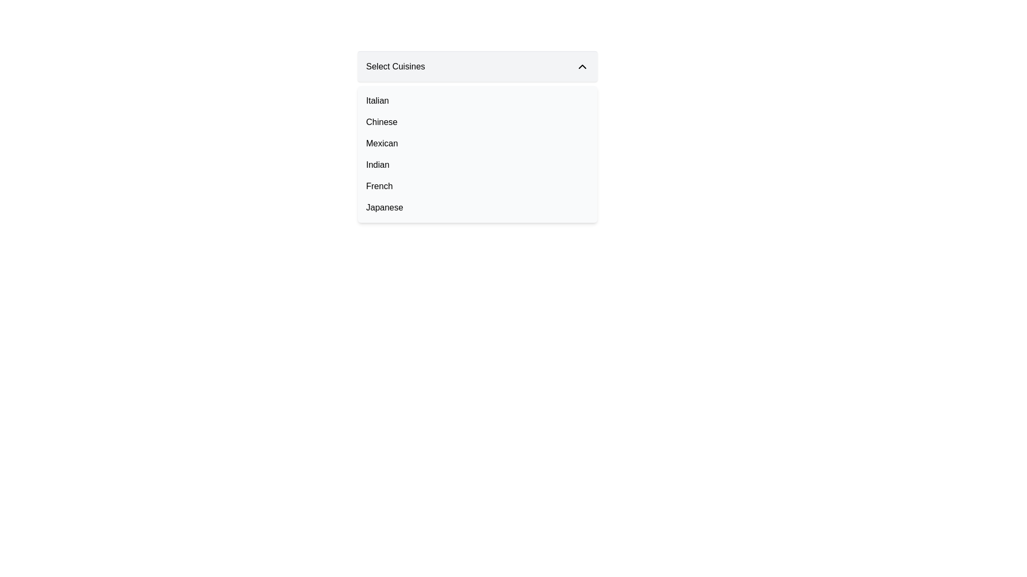  I want to click on the list item displaying 'Mexican' in the dropdown menu titled 'Select Cuisines', so click(477, 143).